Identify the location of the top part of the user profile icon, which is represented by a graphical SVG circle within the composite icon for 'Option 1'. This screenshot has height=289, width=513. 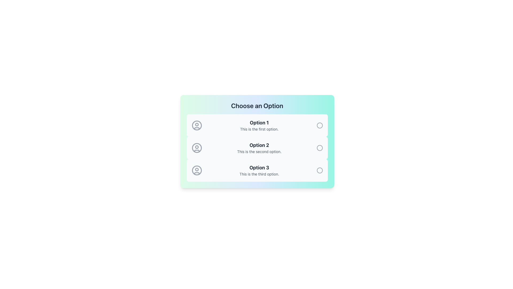
(196, 124).